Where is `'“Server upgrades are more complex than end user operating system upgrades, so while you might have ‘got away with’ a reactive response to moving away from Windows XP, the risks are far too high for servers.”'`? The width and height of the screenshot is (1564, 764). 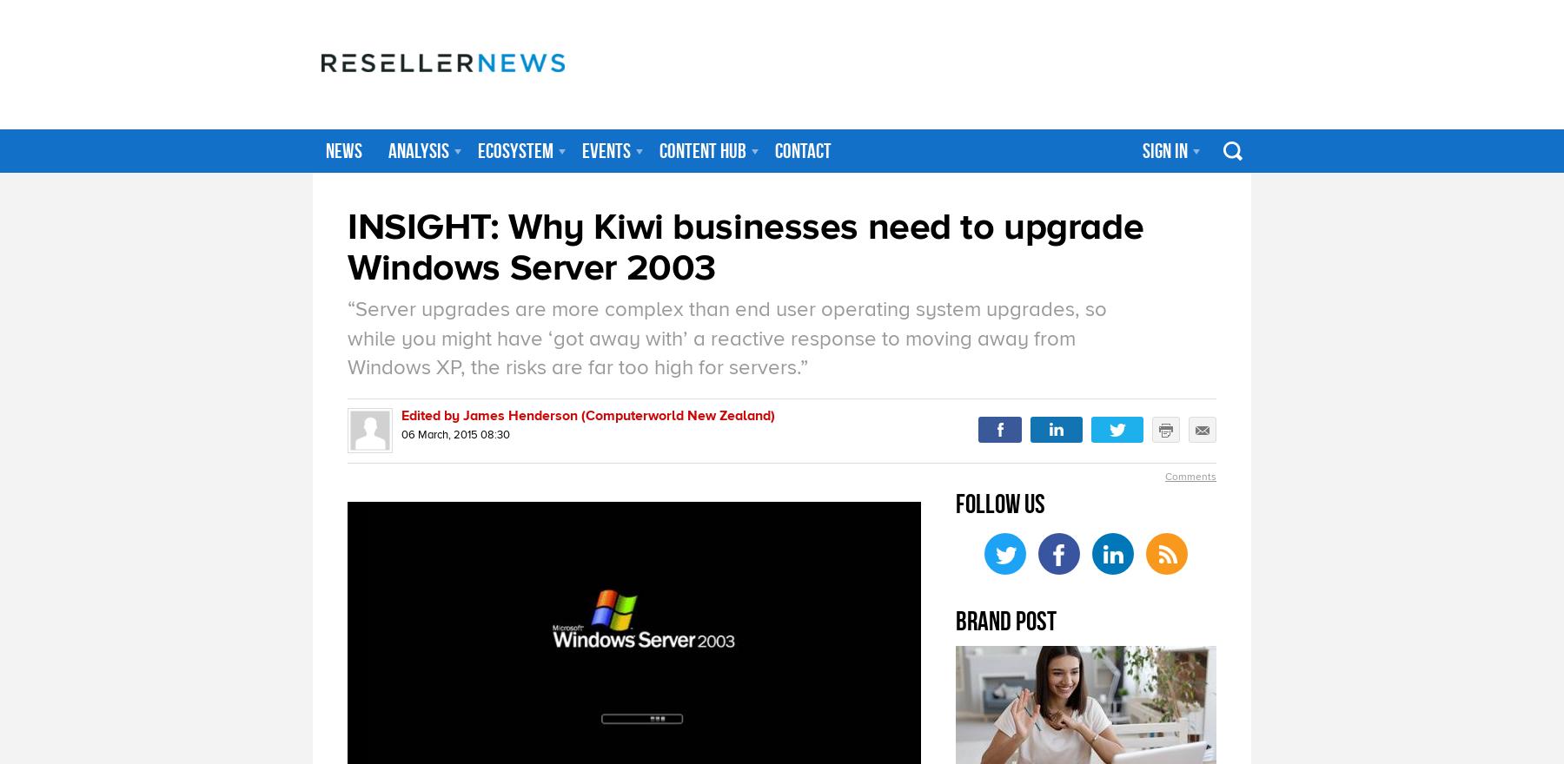 '“Server upgrades are more complex than end user operating system upgrades, so while you might have ‘got away with’ a reactive response to moving away from Windows XP, the risks are far too high for servers.”' is located at coordinates (727, 338).